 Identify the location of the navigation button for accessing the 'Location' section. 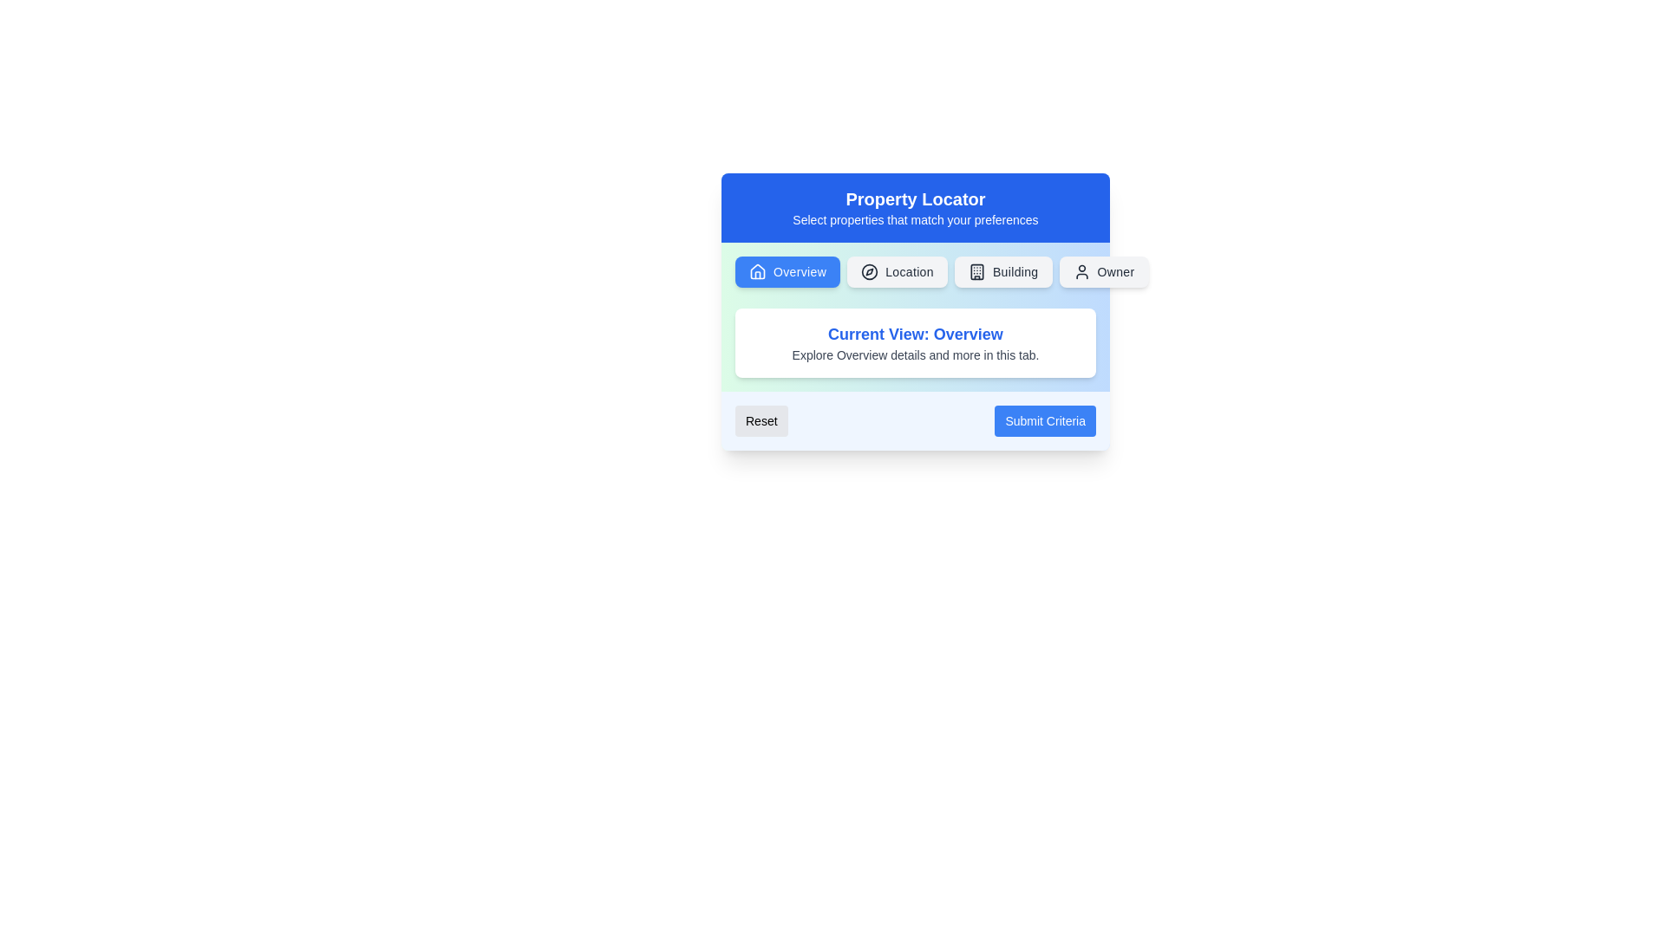
(898, 271).